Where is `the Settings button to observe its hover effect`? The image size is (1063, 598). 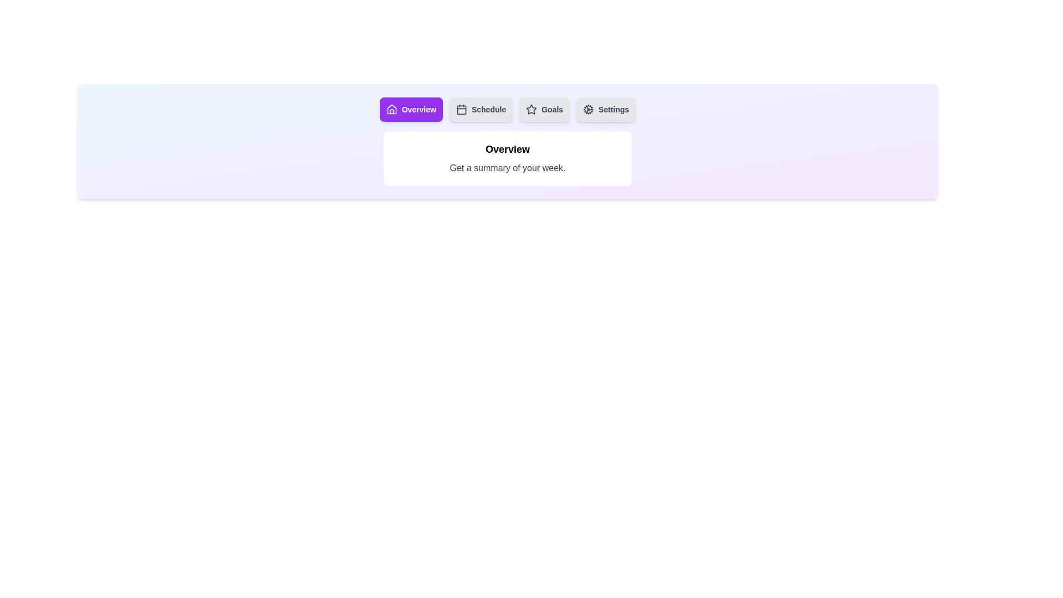
the Settings button to observe its hover effect is located at coordinates (605, 109).